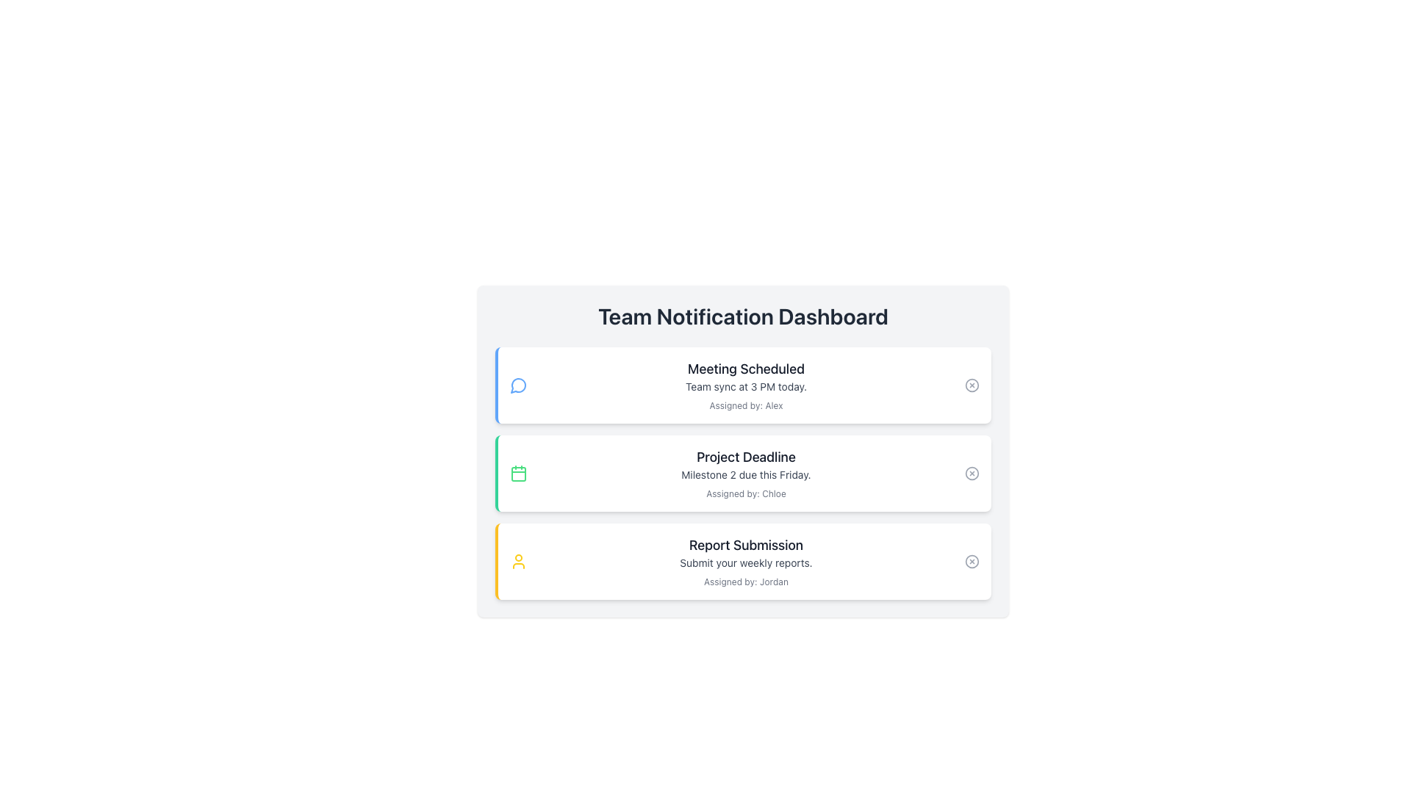  Describe the element at coordinates (972, 561) in the screenshot. I see `the close button located at the top-right corner of the 'Report Submission' notification card` at that location.